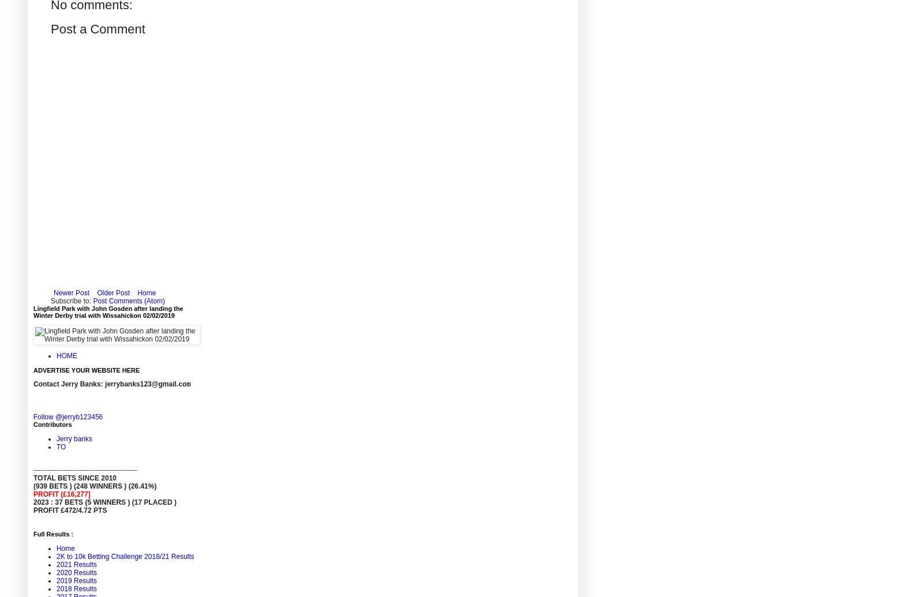  What do you see at coordinates (71, 300) in the screenshot?
I see `'Subscribe to:'` at bounding box center [71, 300].